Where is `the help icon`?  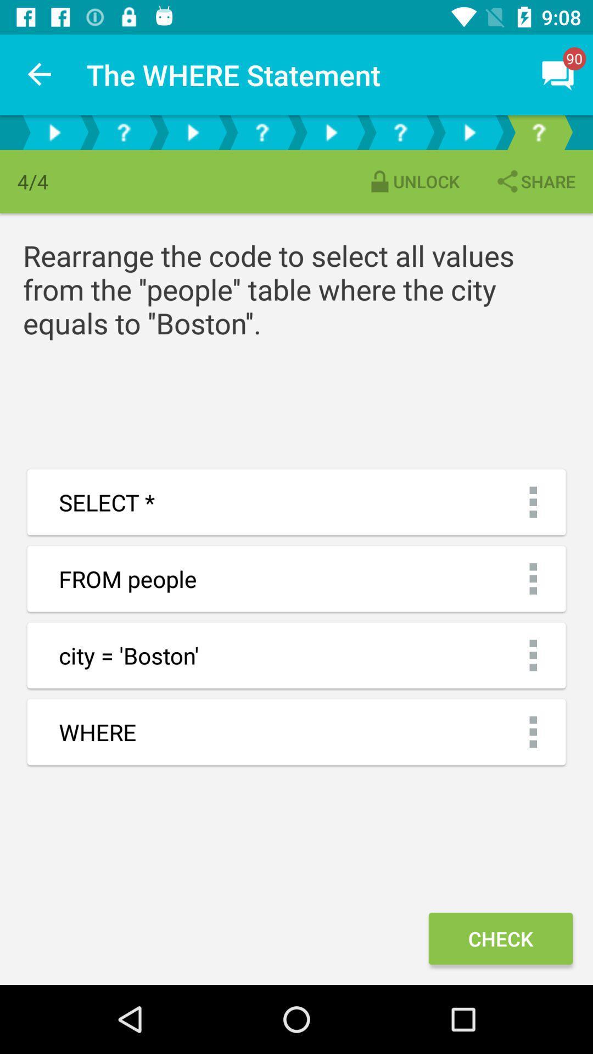
the help icon is located at coordinates (123, 132).